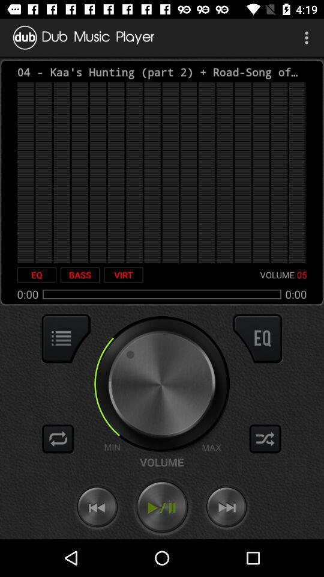 The height and width of the screenshot is (577, 324). I want to click on eq   icon, so click(37, 275).